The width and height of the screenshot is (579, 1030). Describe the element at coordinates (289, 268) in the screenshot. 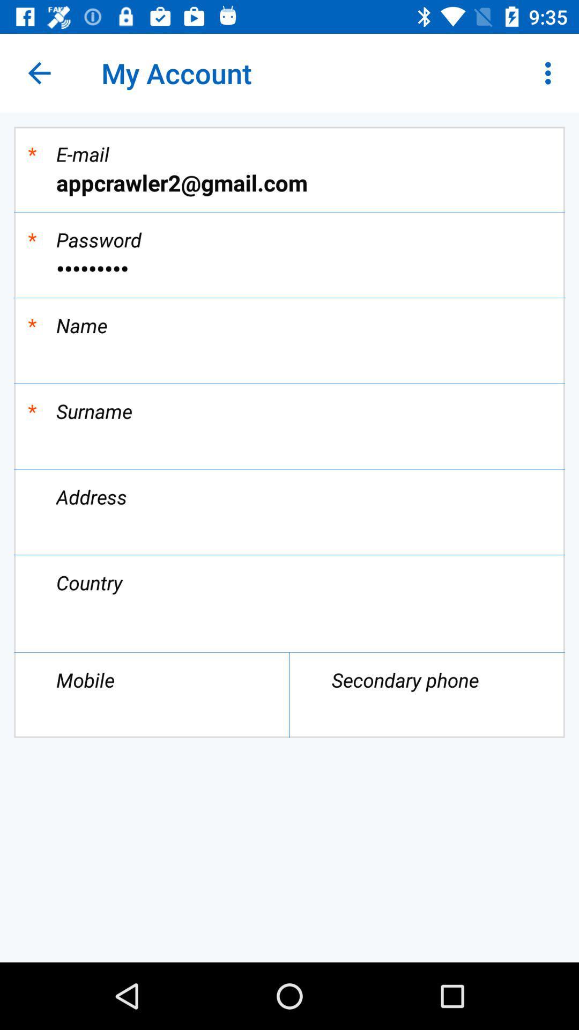

I see `crowd3116` at that location.